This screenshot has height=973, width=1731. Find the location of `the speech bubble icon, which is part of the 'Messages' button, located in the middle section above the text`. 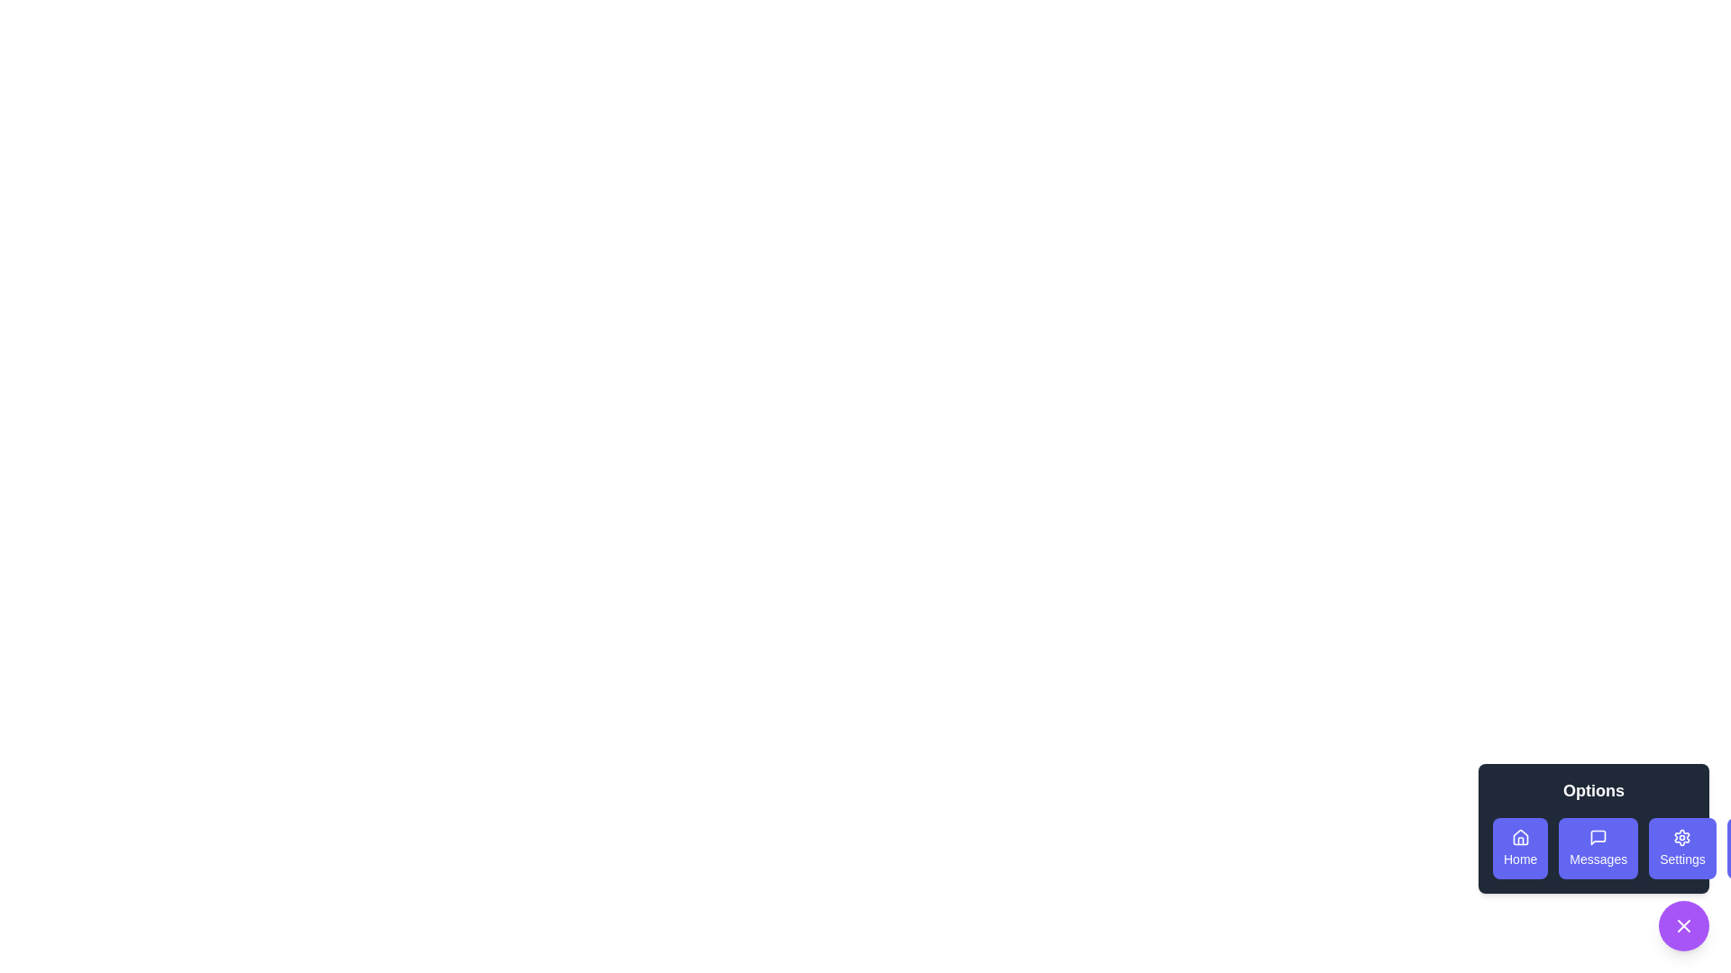

the speech bubble icon, which is part of the 'Messages' button, located in the middle section above the text is located at coordinates (1598, 837).